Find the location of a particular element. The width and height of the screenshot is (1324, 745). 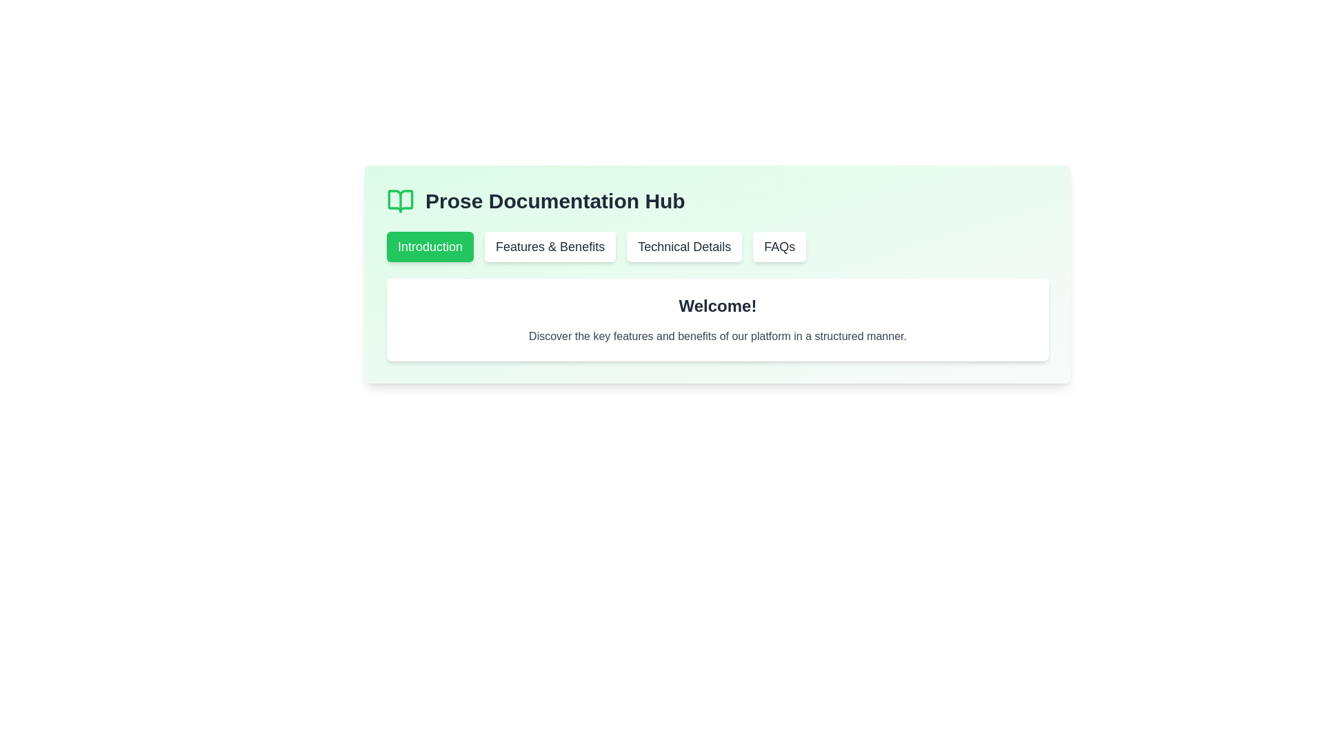

the navigation button located at the top-center section of the page is located at coordinates (430, 246).